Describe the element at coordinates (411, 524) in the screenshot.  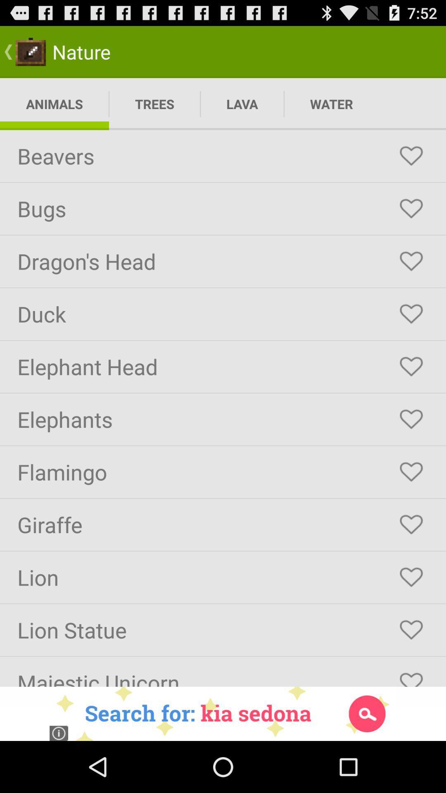
I see `favorite` at that location.